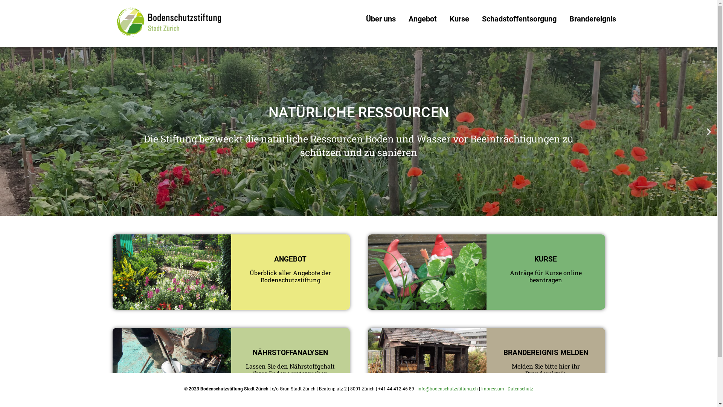 The width and height of the screenshot is (723, 407). What do you see at coordinates (592, 18) in the screenshot?
I see `'Brandereignis'` at bounding box center [592, 18].